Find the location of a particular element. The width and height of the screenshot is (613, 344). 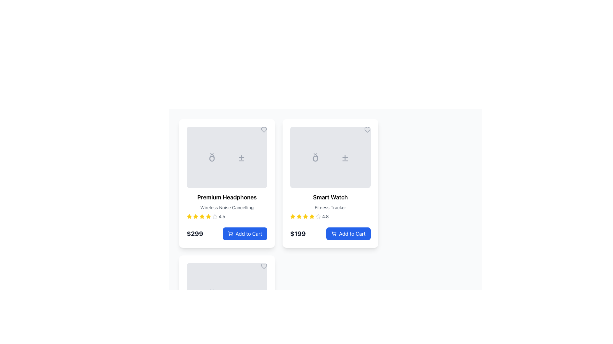

the heart-shaped icon in the top-right corner of the 'Premium Headphones' card, which represents a 'like' or 'favorite' action is located at coordinates (264, 130).